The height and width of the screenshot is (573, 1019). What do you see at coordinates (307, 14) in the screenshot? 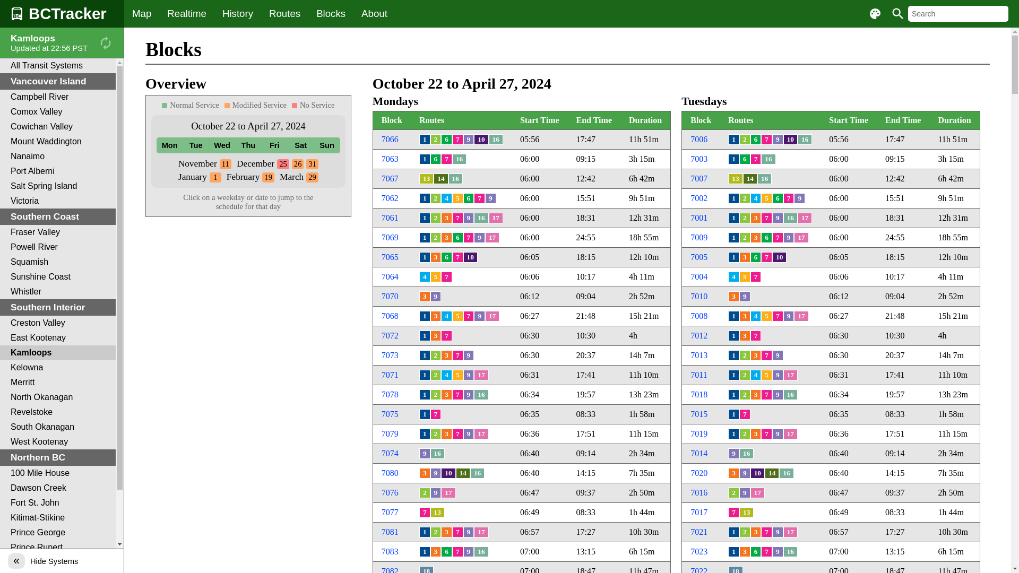
I see `'Blocks'` at bounding box center [307, 14].